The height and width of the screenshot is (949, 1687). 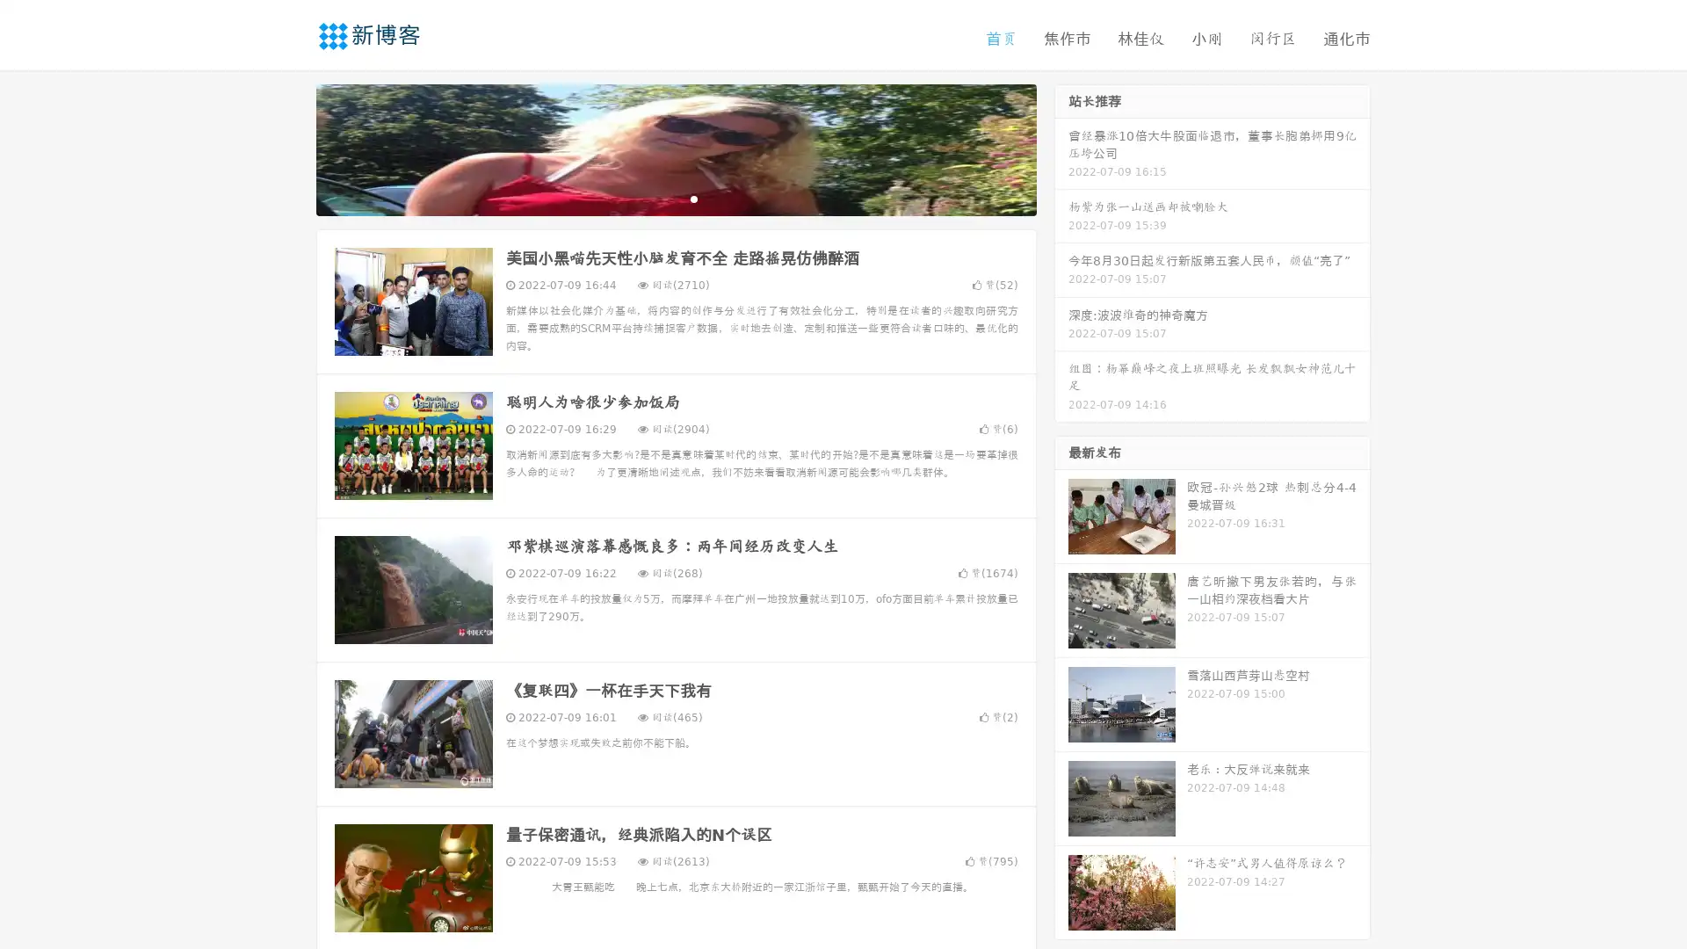 I want to click on Go to slide 1, so click(x=657, y=198).